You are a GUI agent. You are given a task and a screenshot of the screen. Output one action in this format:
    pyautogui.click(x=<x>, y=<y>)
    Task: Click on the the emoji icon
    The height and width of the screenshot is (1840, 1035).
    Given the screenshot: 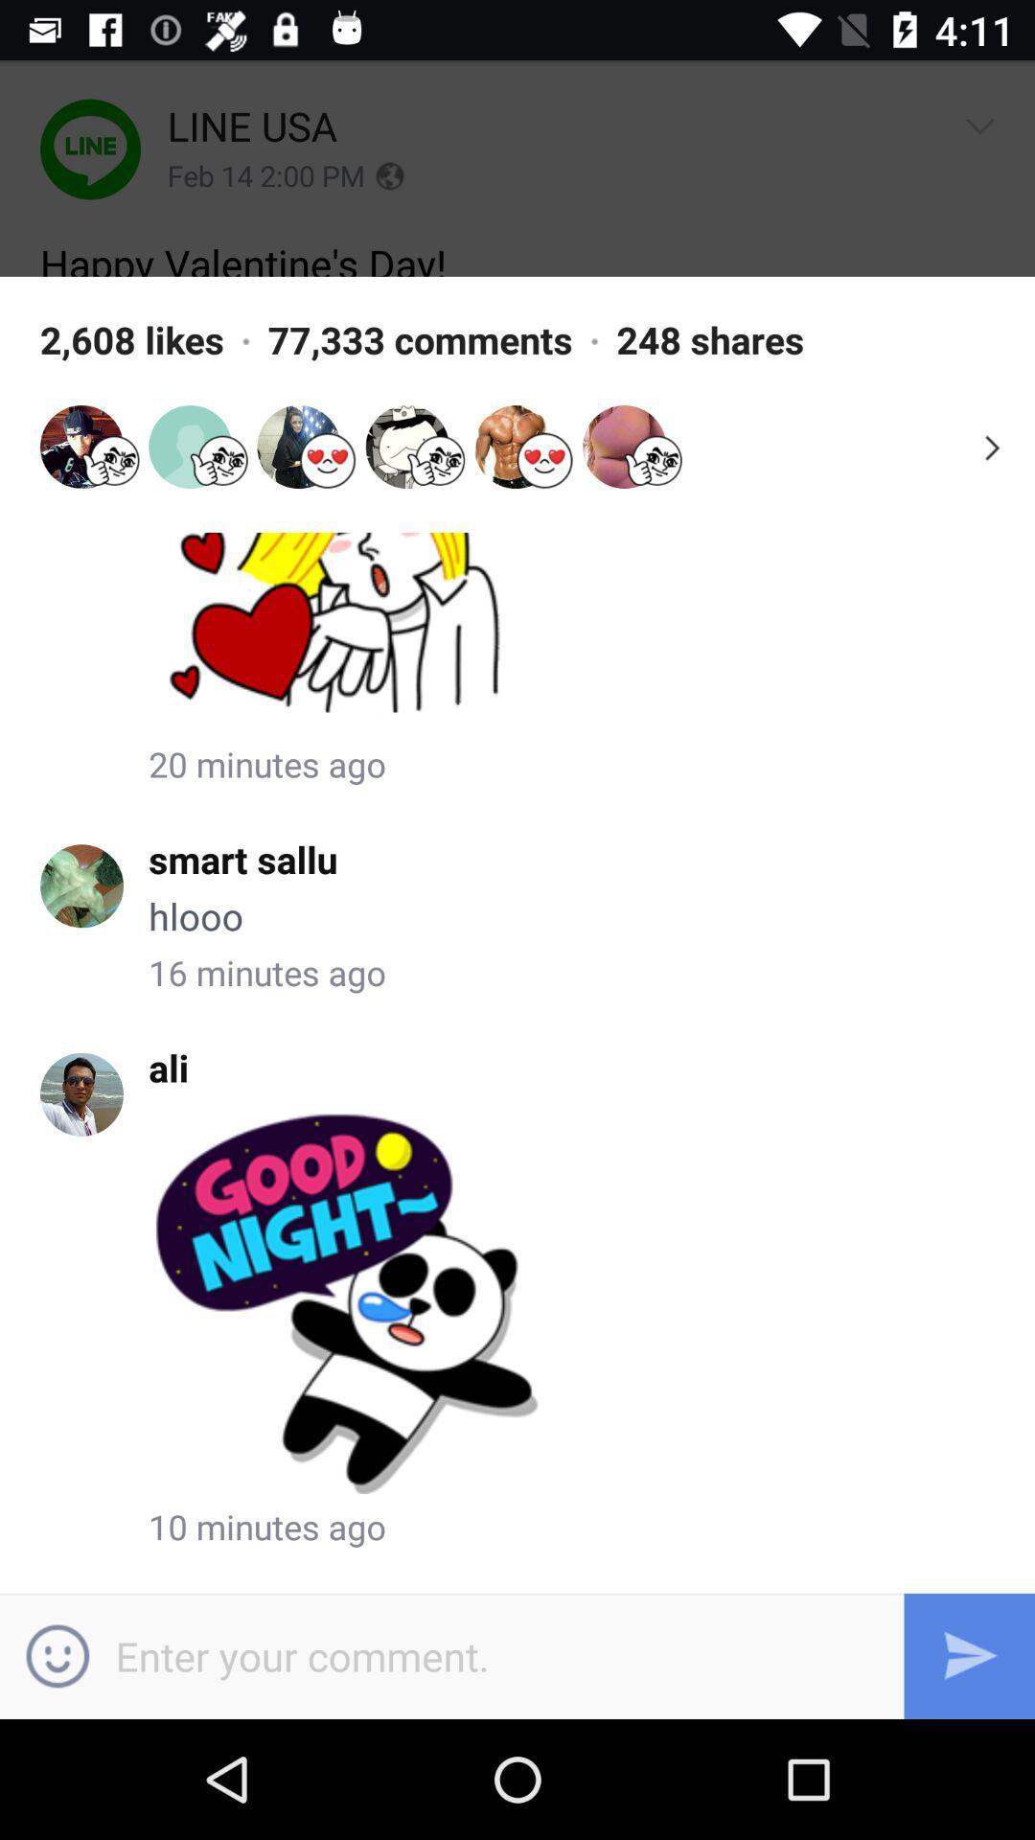 What is the action you would take?
    pyautogui.click(x=69, y=1655)
    